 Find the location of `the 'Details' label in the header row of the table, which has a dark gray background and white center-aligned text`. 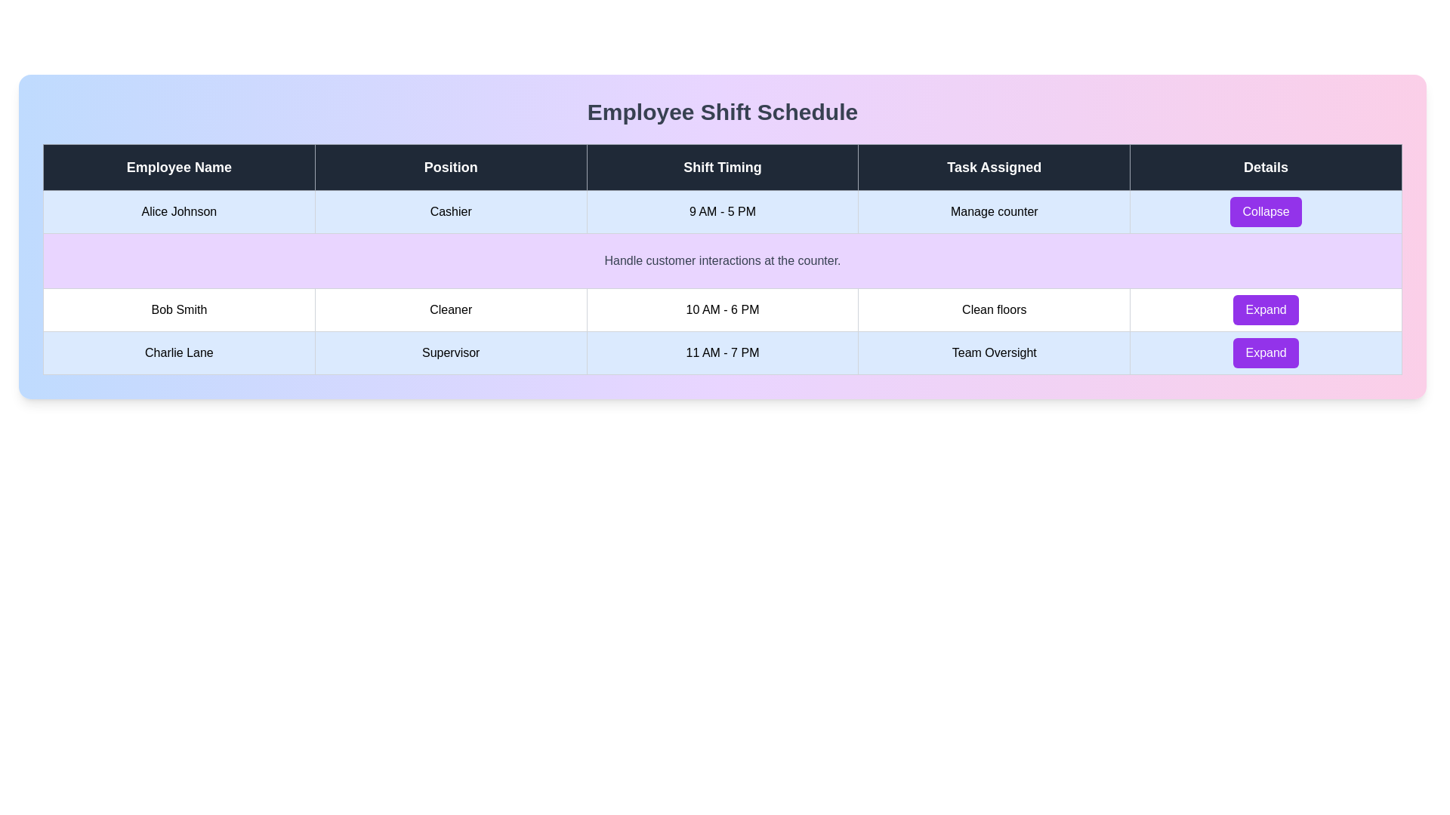

the 'Details' label in the header row of the table, which has a dark gray background and white center-aligned text is located at coordinates (1266, 168).